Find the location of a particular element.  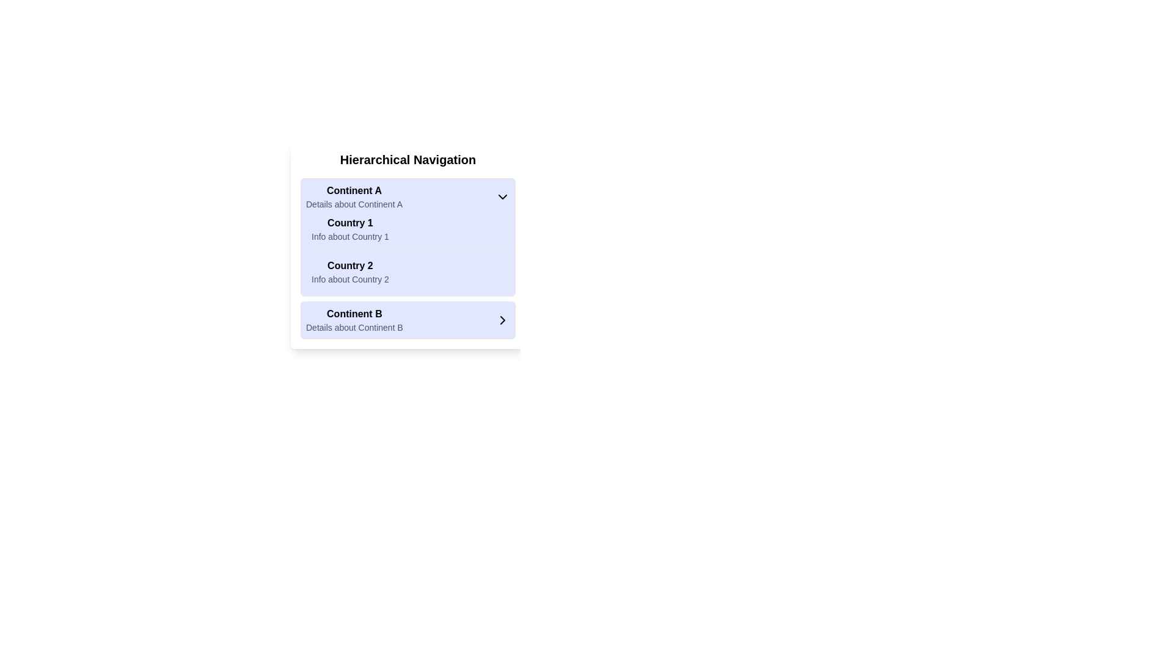

the Chevron Right icon located to the far-right of the text box indicating navigation options for 'Continent B' is located at coordinates (502, 319).